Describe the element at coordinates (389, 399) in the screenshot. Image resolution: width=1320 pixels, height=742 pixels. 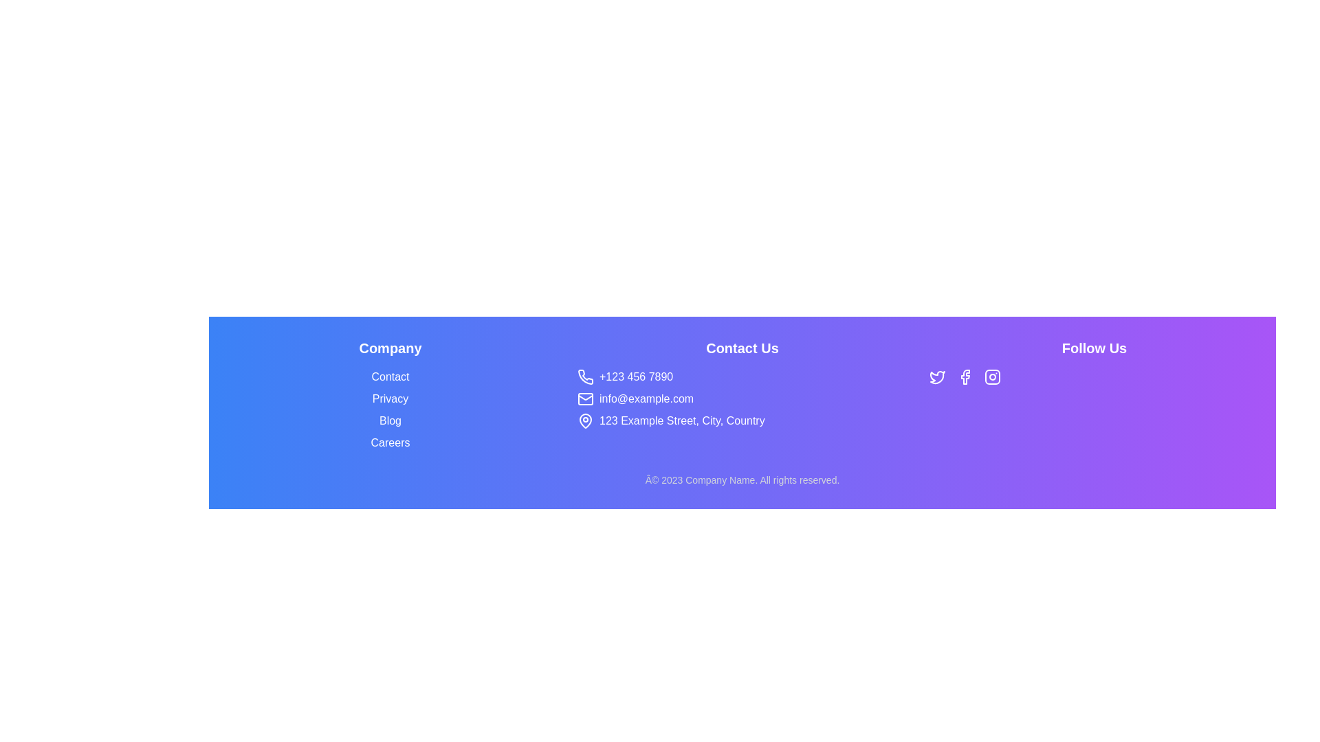
I see `the 'Privacy' hyperlink text located under the 'Company' section in the footer` at that location.